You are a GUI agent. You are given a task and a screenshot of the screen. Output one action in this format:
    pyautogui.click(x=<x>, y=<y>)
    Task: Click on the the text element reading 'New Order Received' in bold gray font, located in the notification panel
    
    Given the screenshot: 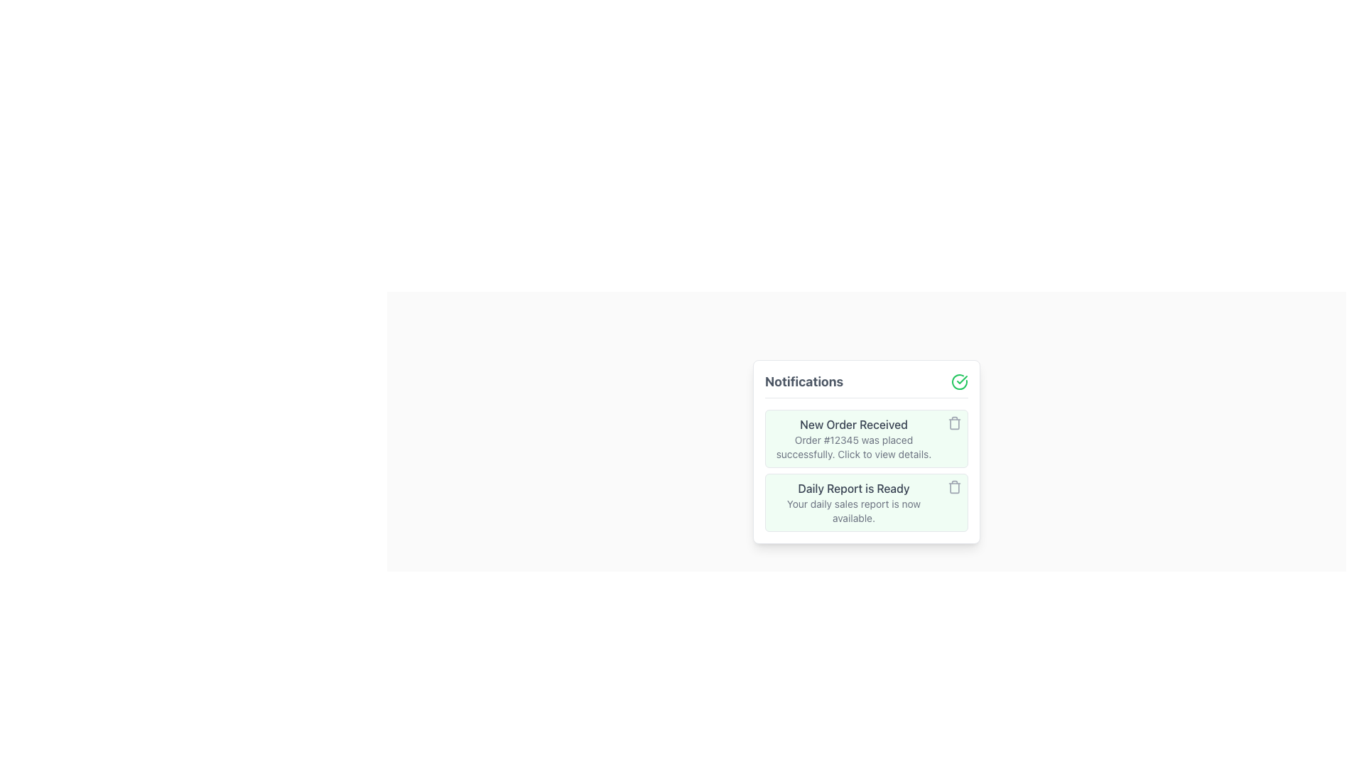 What is the action you would take?
    pyautogui.click(x=852, y=423)
    